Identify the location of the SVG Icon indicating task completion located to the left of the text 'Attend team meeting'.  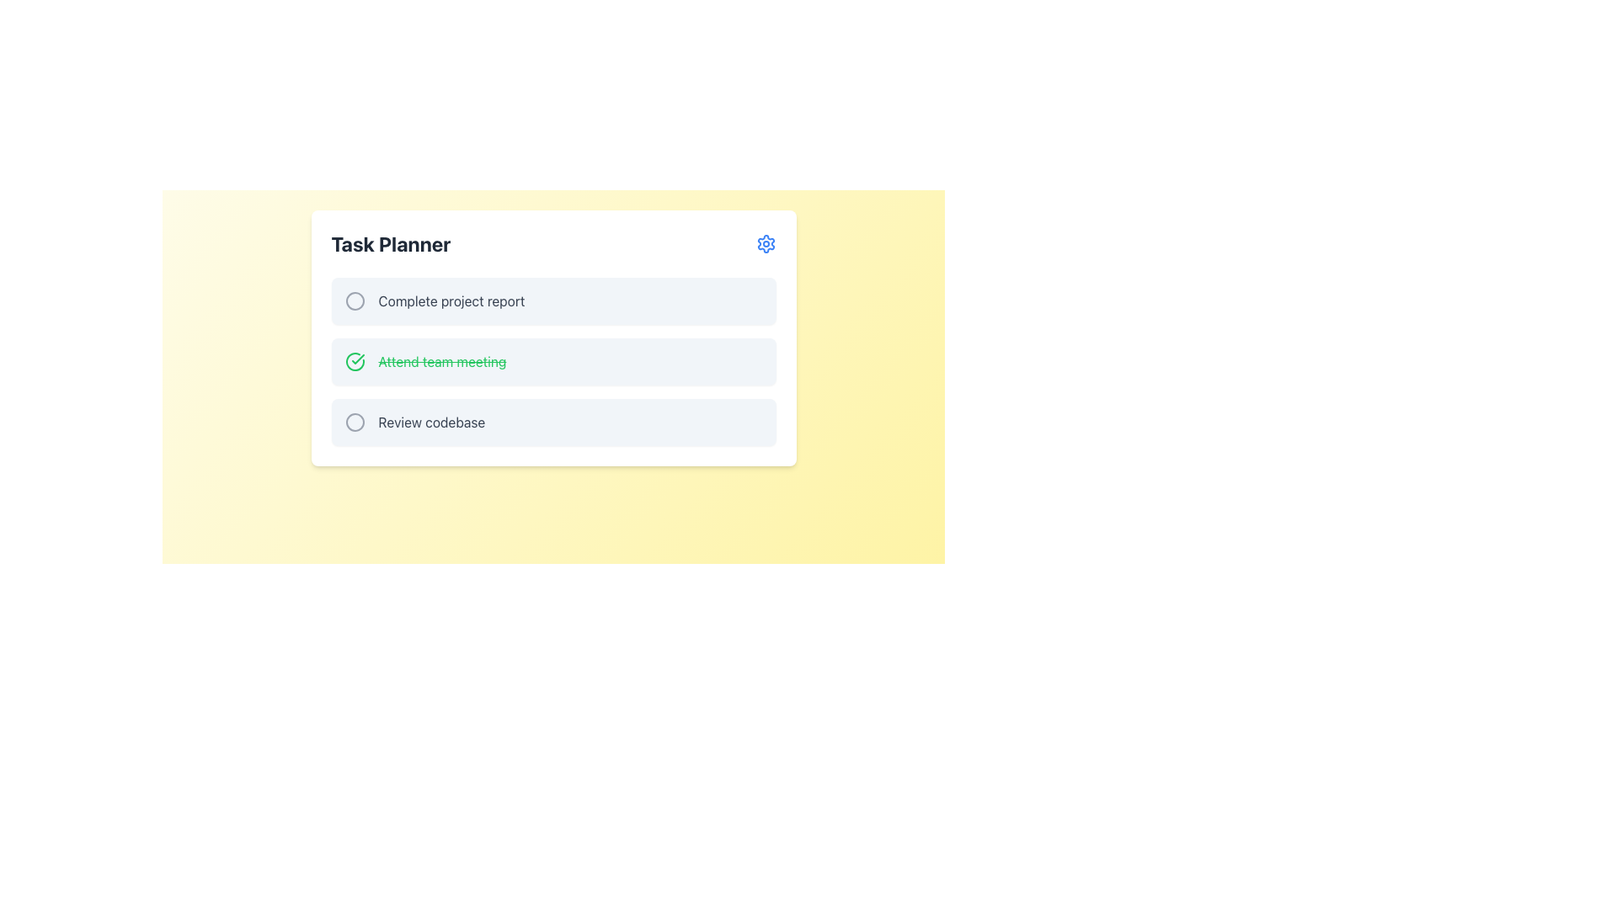
(354, 360).